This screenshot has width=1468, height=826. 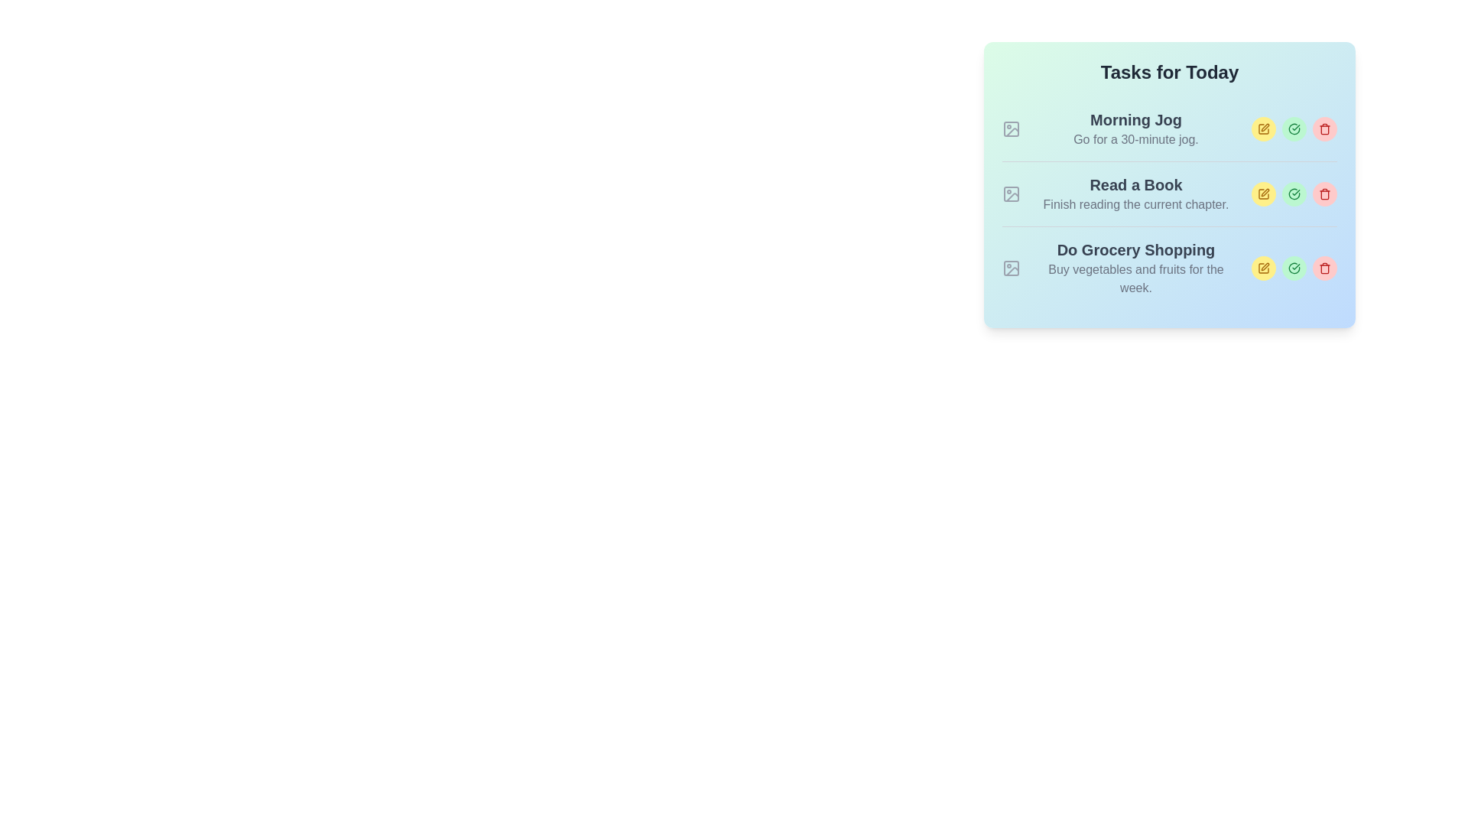 What do you see at coordinates (1265, 126) in the screenshot?
I see `the small pen icon button for editing located on the right-hand side of the second row in the task list` at bounding box center [1265, 126].